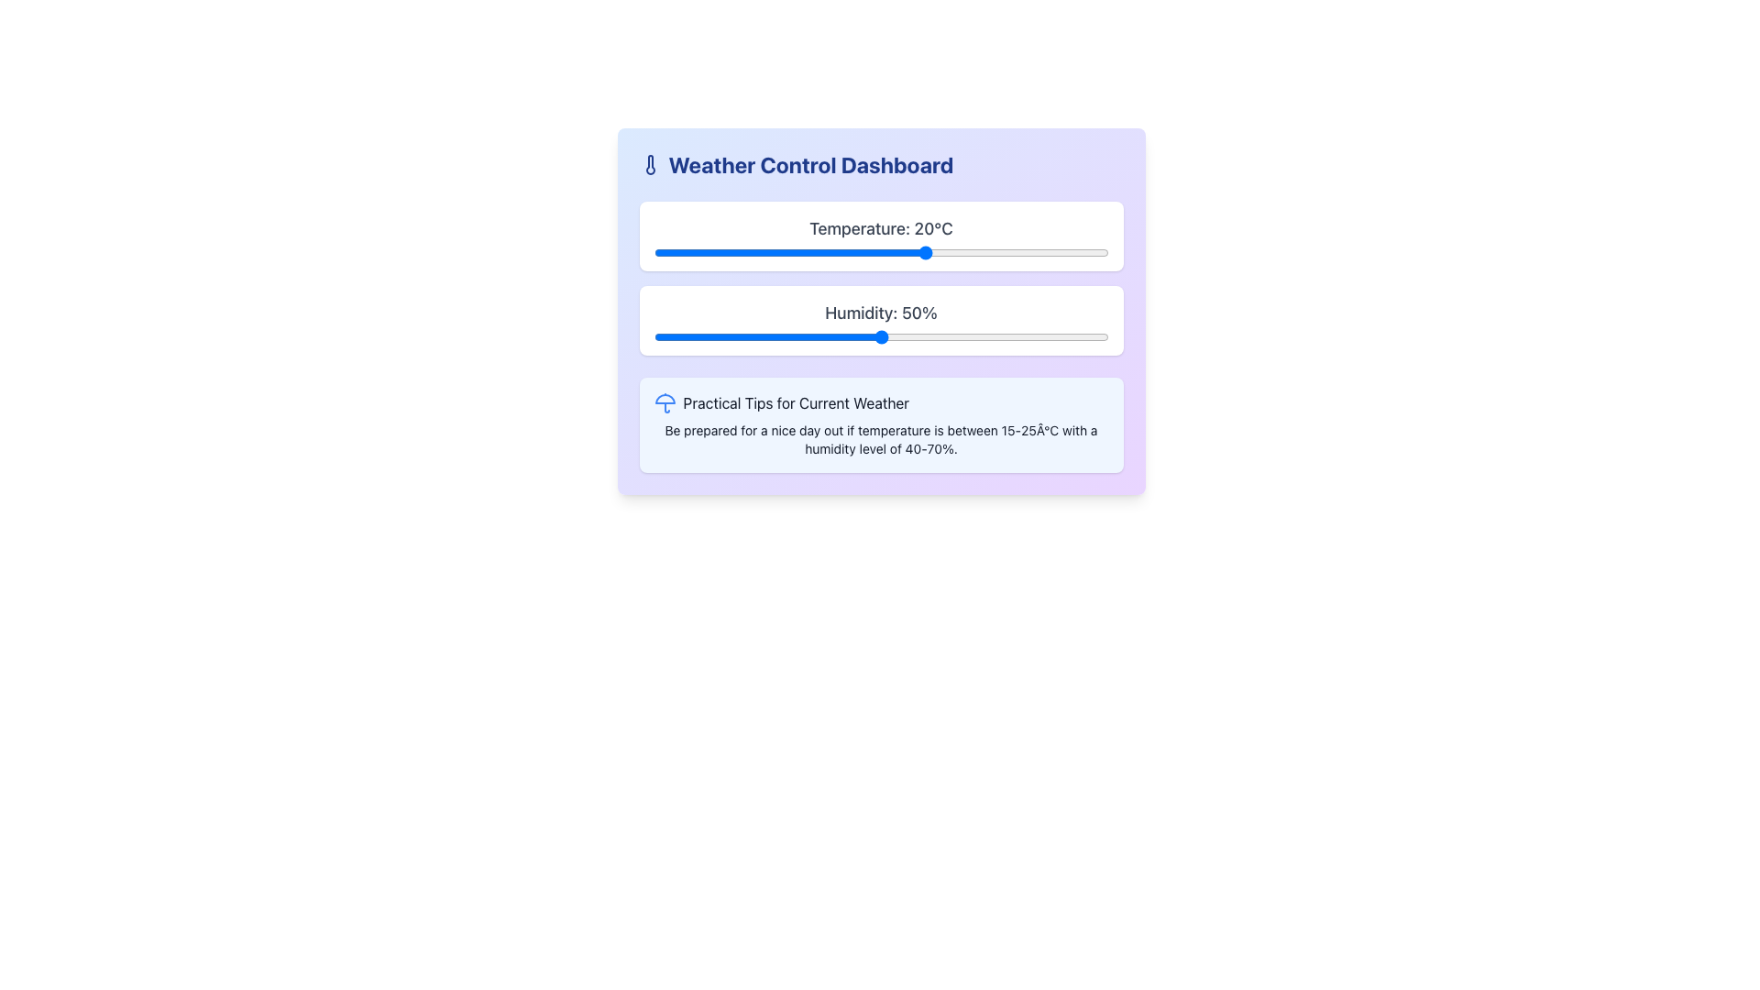  Describe the element at coordinates (881, 336) in the screenshot. I see `the slider bar located beneath the 'Humidity: 50%' label in the second card of the 'Weather Control Dashboard' to set a specific humidity value` at that location.